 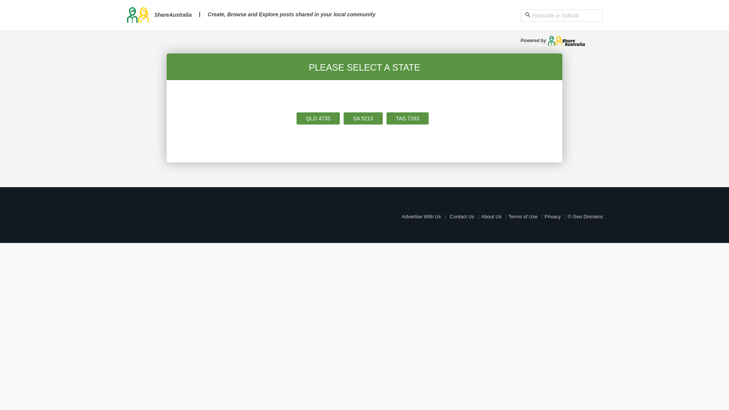 What do you see at coordinates (552, 216) in the screenshot?
I see `'Privacy'` at bounding box center [552, 216].